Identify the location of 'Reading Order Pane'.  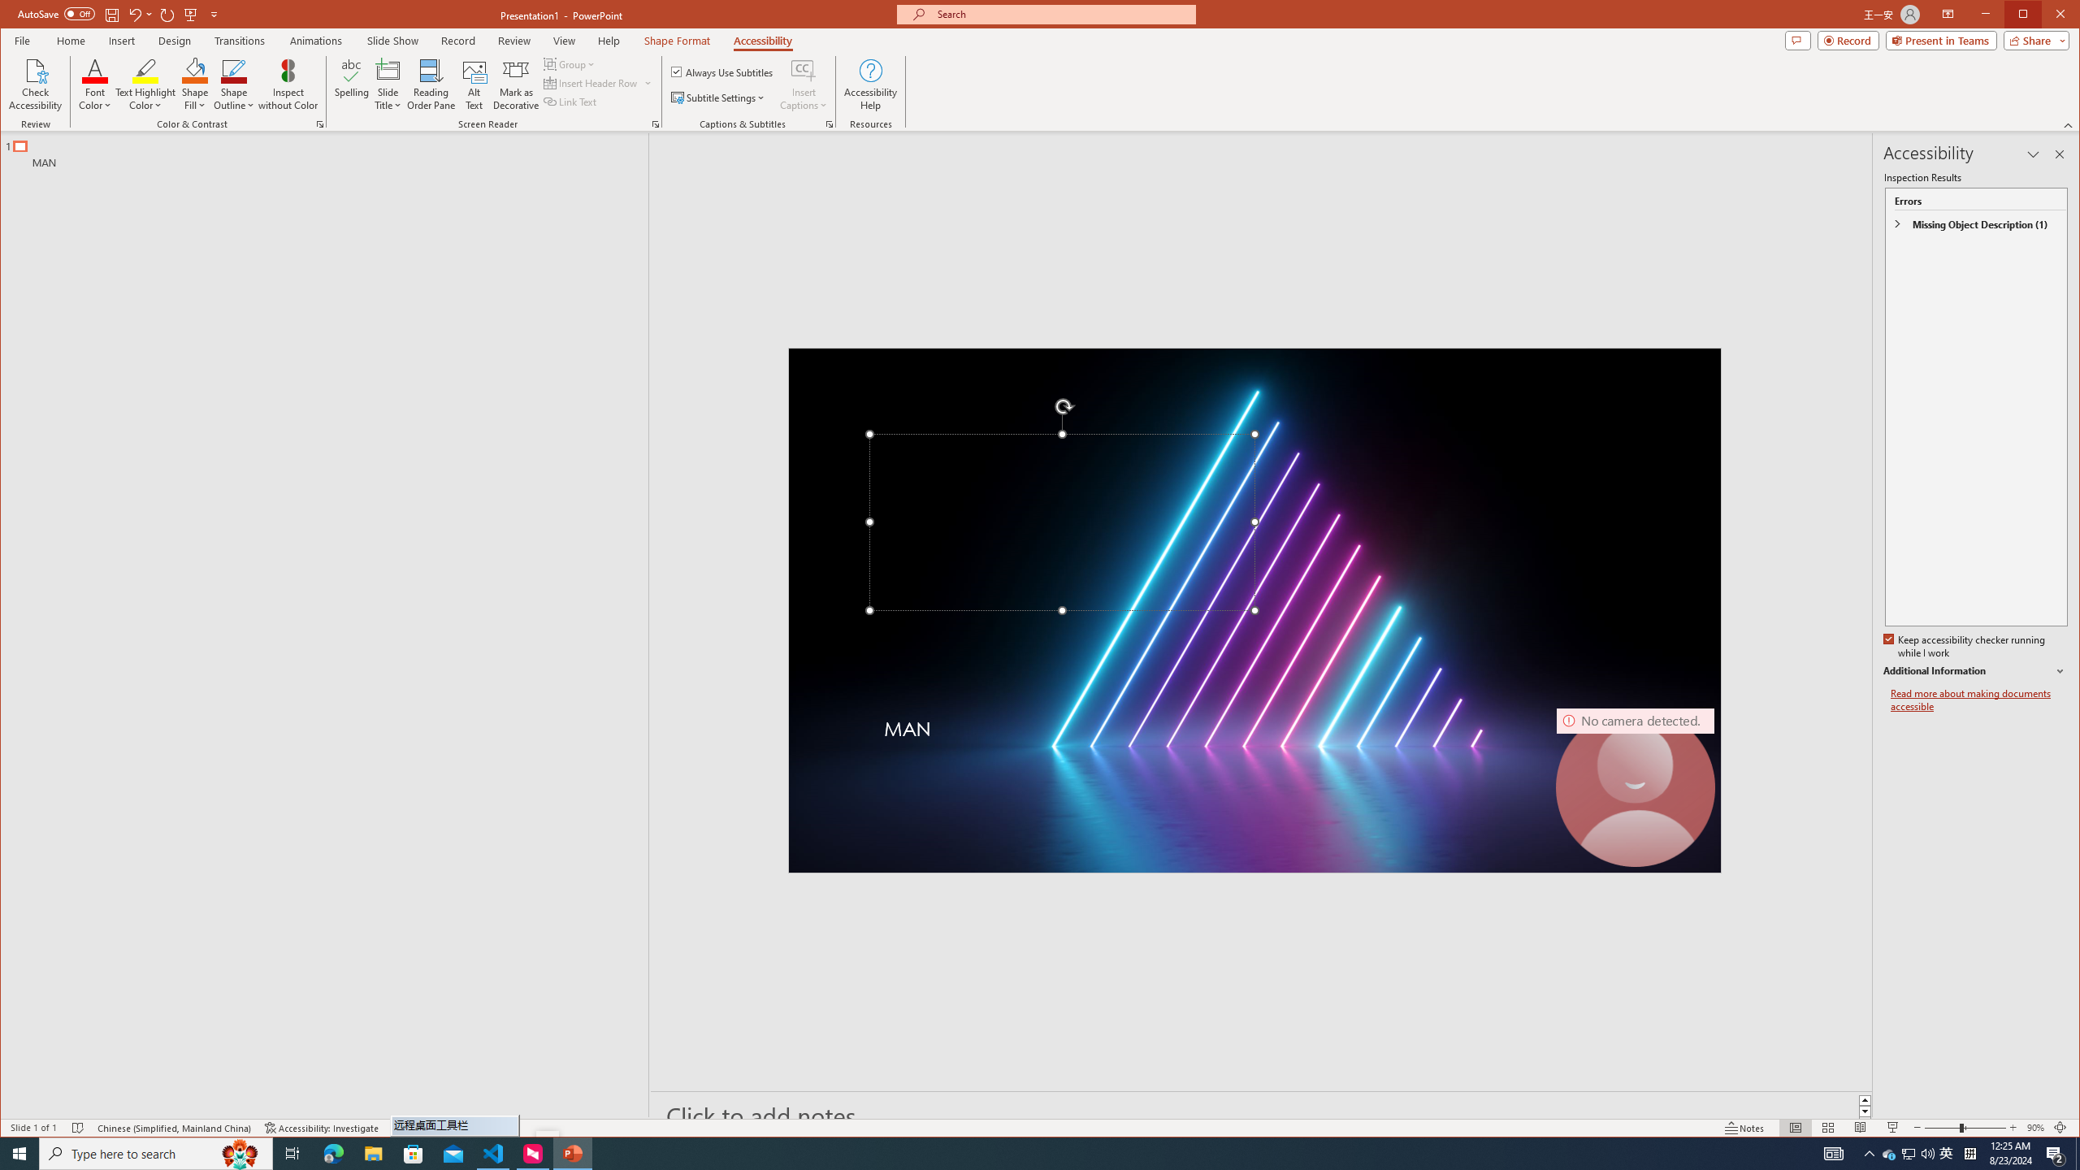
(431, 84).